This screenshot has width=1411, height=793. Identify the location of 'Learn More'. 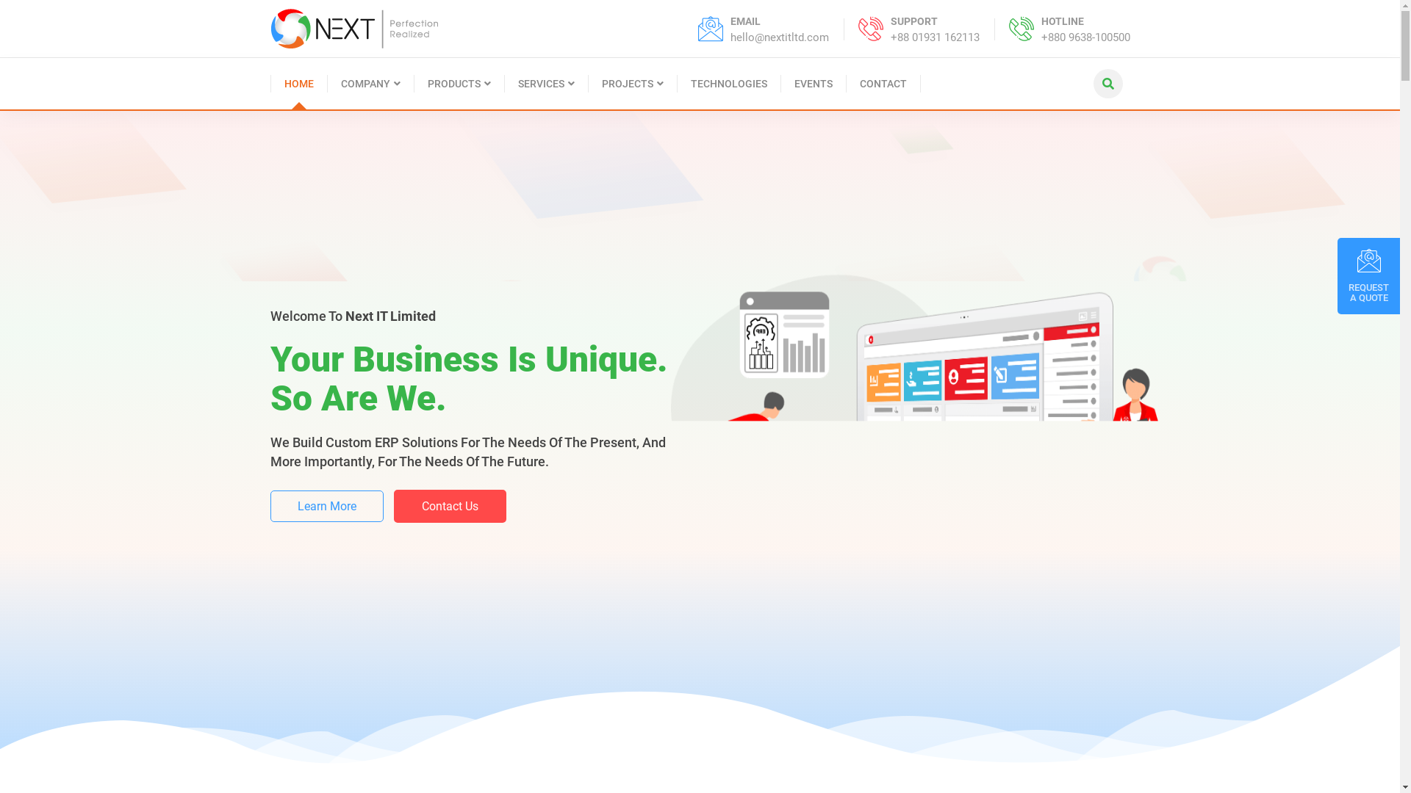
(326, 530).